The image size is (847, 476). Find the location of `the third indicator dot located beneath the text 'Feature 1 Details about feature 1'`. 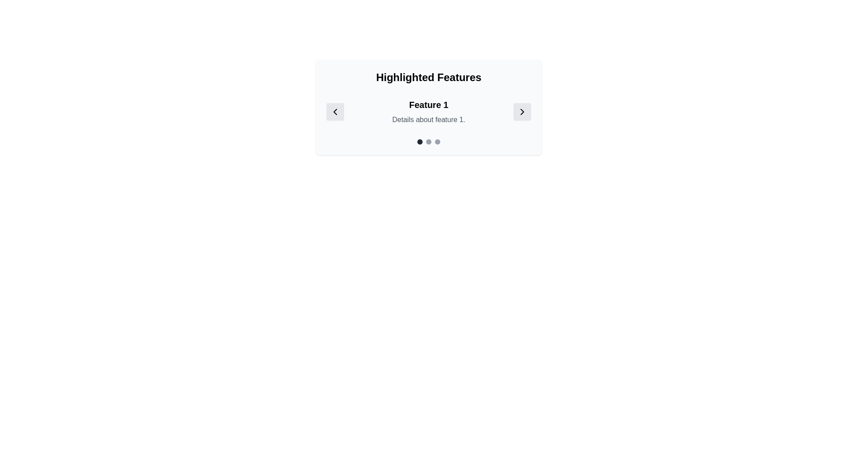

the third indicator dot located beneath the text 'Feature 1 Details about feature 1' is located at coordinates (438, 141).